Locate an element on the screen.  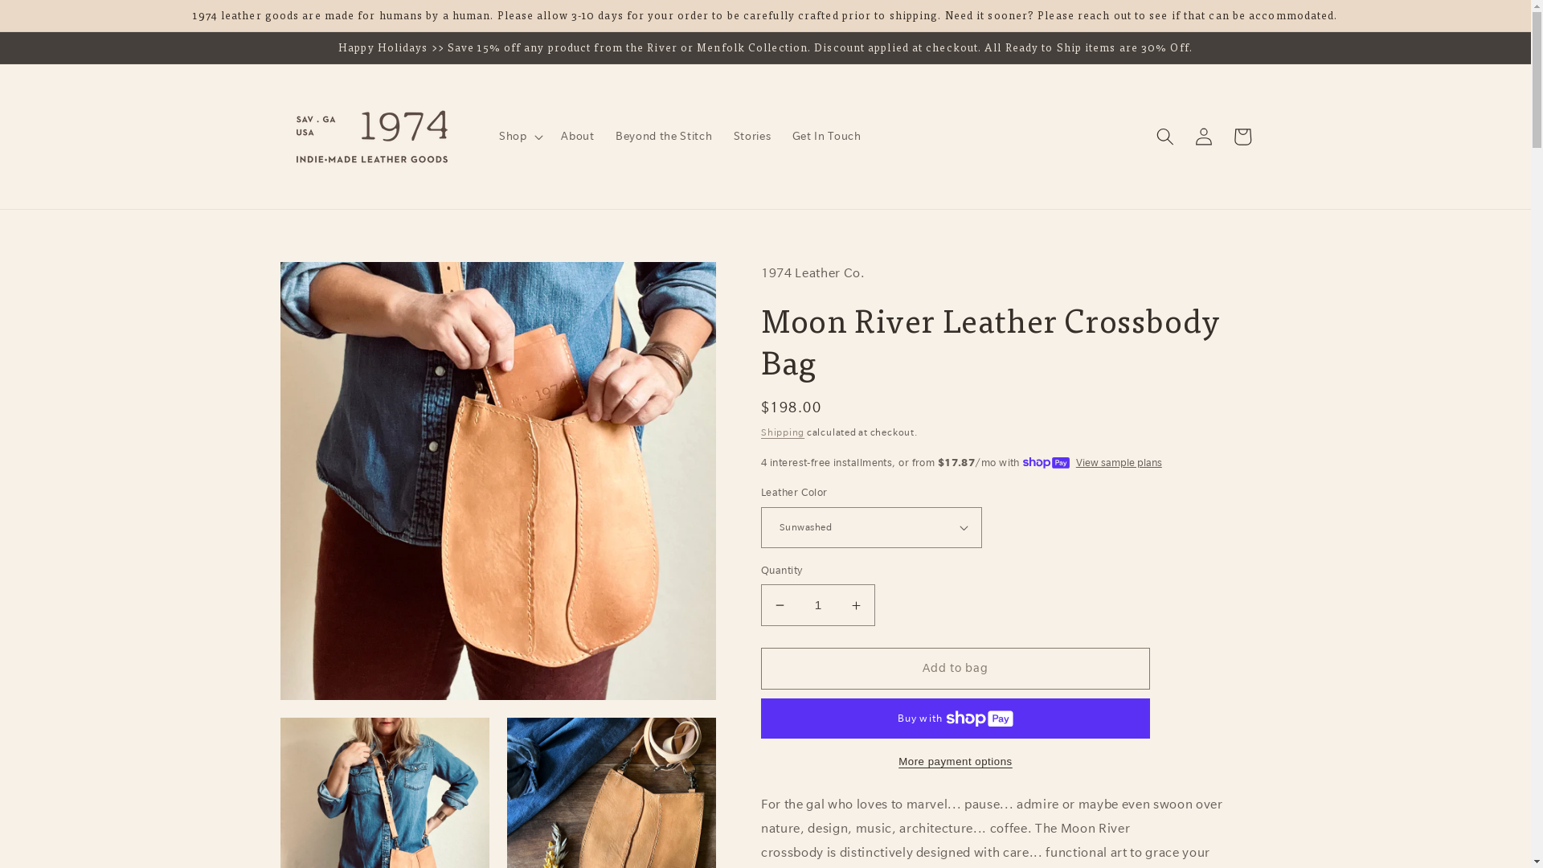
'Log in' is located at coordinates (1203, 135).